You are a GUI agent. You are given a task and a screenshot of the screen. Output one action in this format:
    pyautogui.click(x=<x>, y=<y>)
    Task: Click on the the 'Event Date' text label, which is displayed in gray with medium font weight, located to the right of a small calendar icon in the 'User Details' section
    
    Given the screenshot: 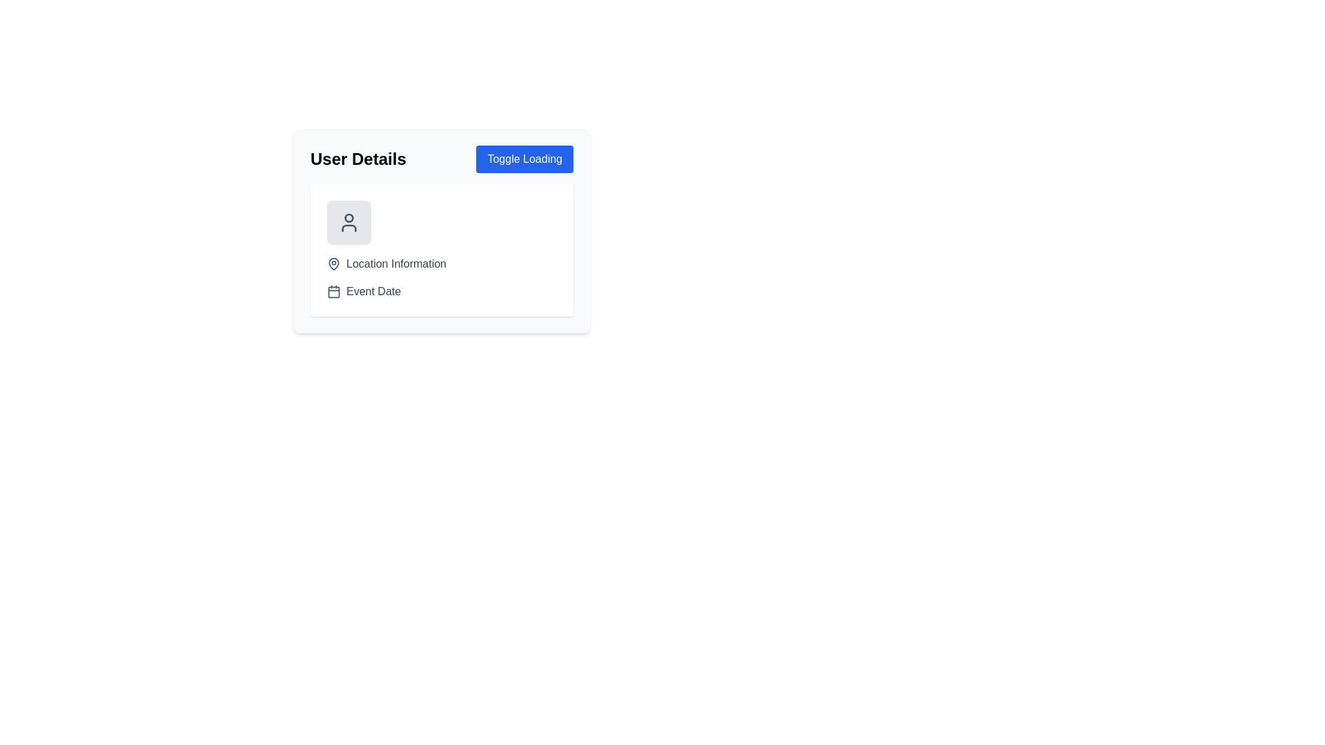 What is the action you would take?
    pyautogui.click(x=373, y=291)
    